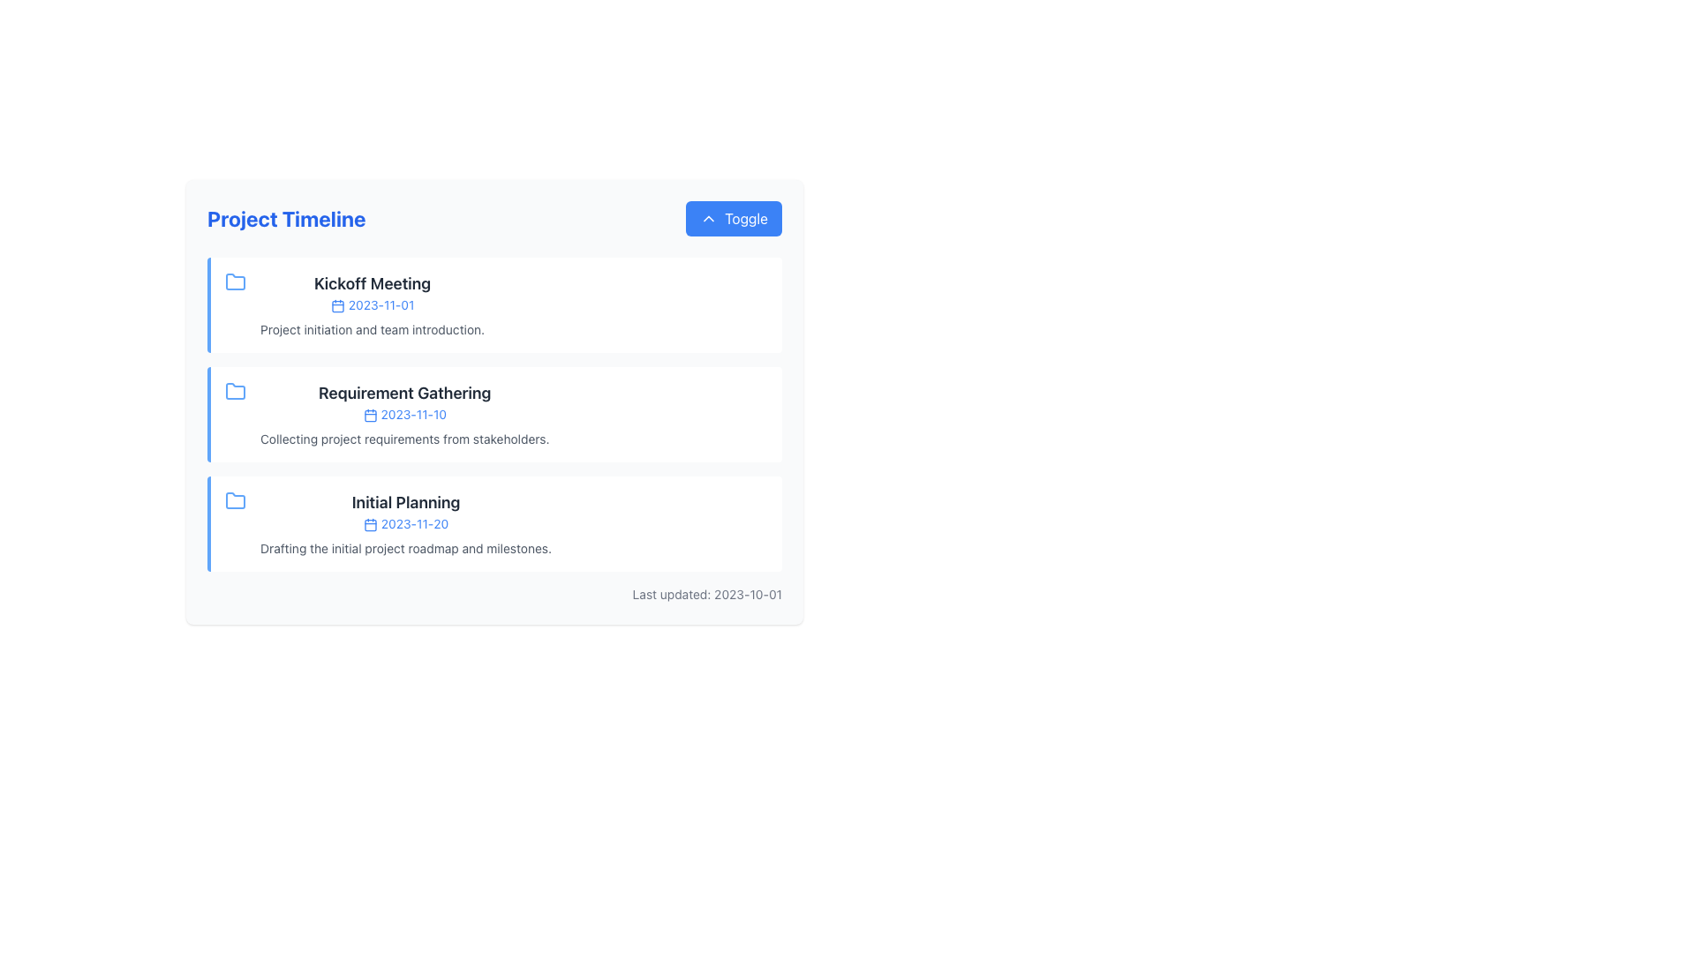 The image size is (1695, 953). What do you see at coordinates (494, 415) in the screenshot?
I see `the second list item in the 'Project Timeline' section that details 'Requirement Gathering'` at bounding box center [494, 415].